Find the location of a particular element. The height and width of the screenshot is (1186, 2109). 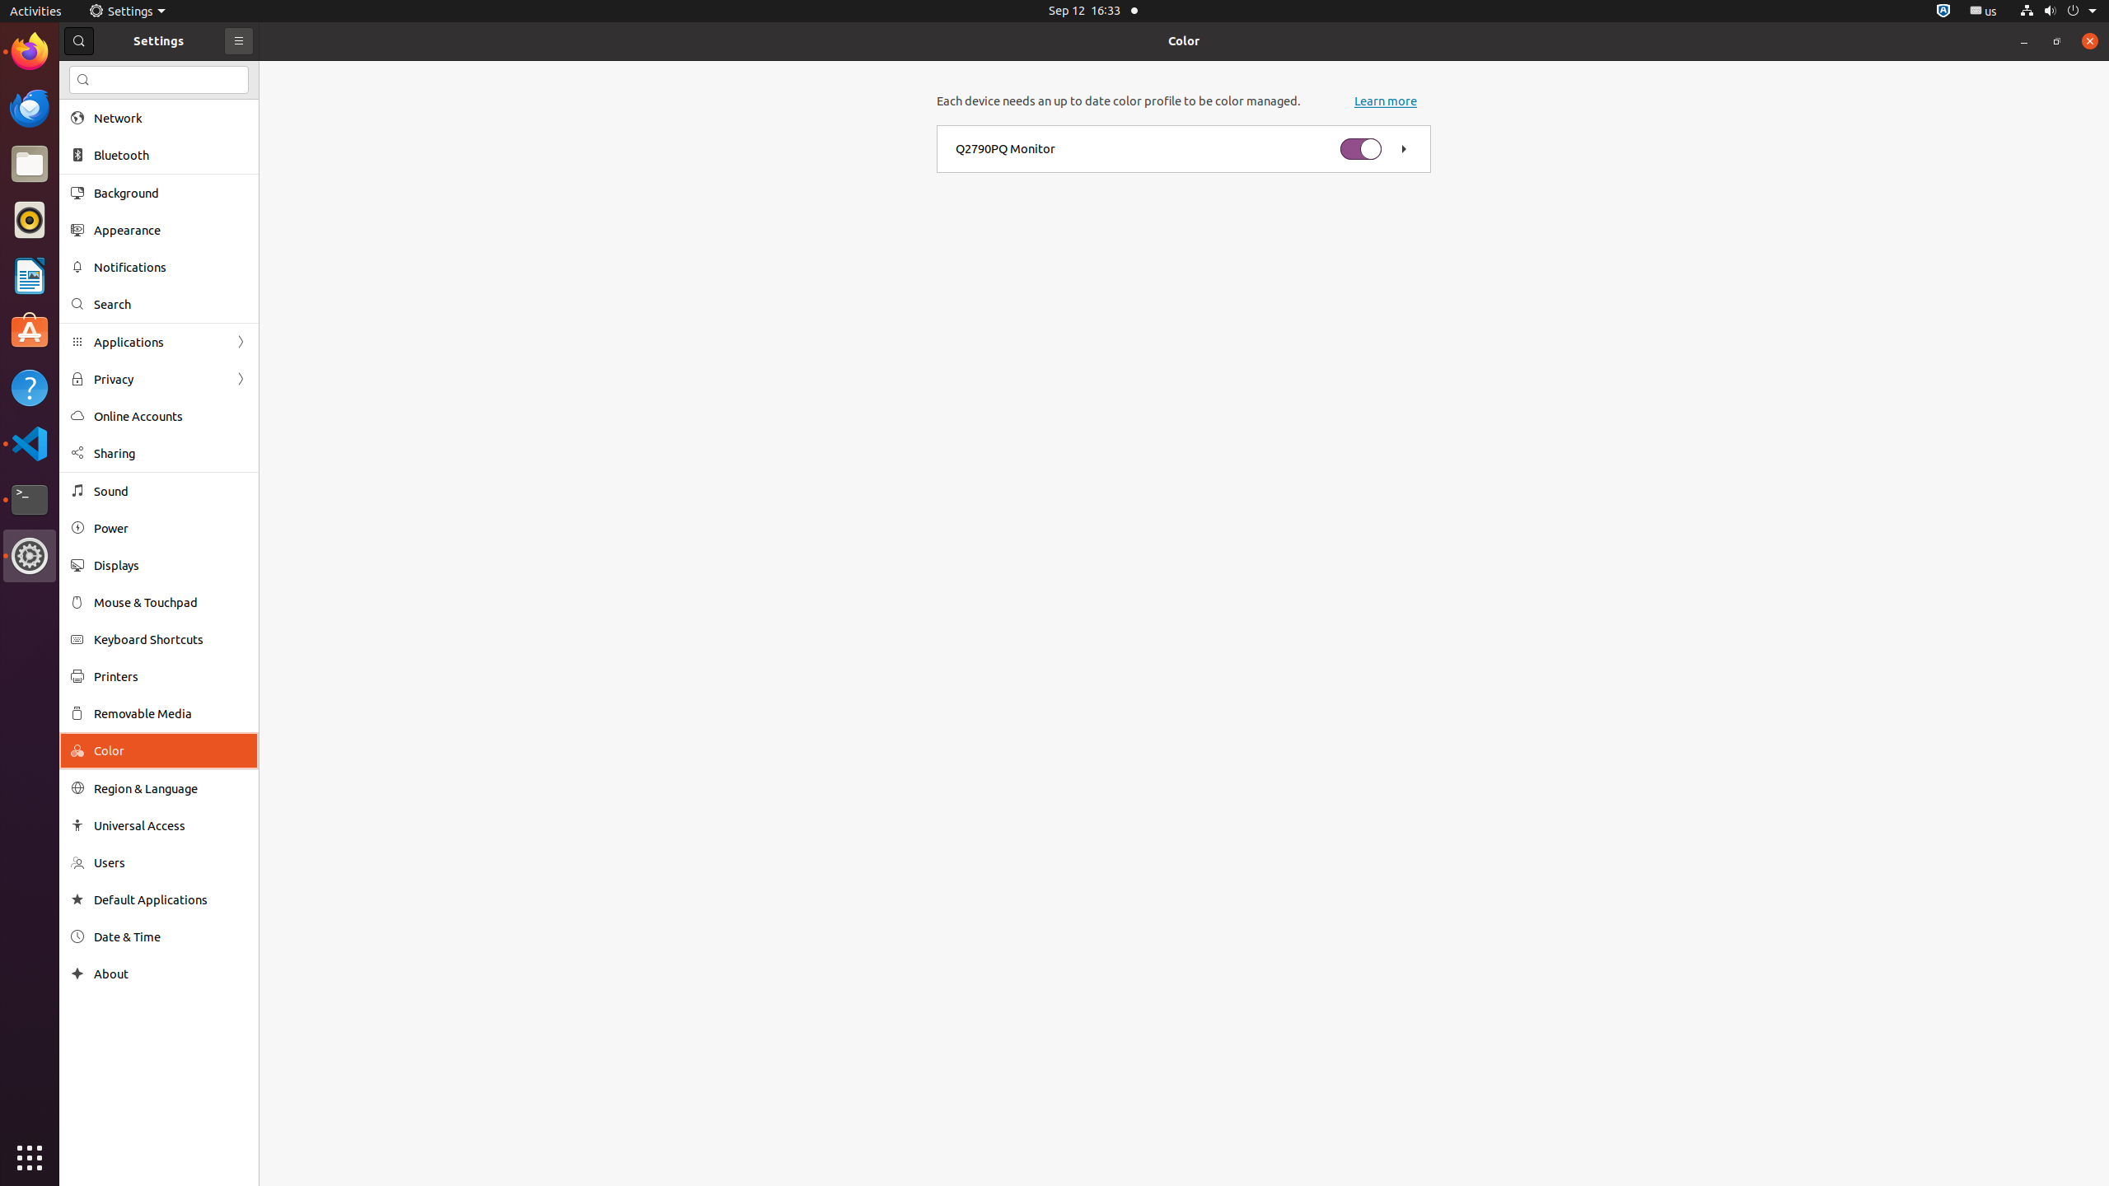

'Each device needs an up to date color profile to be color managed.' is located at coordinates (1118, 100).